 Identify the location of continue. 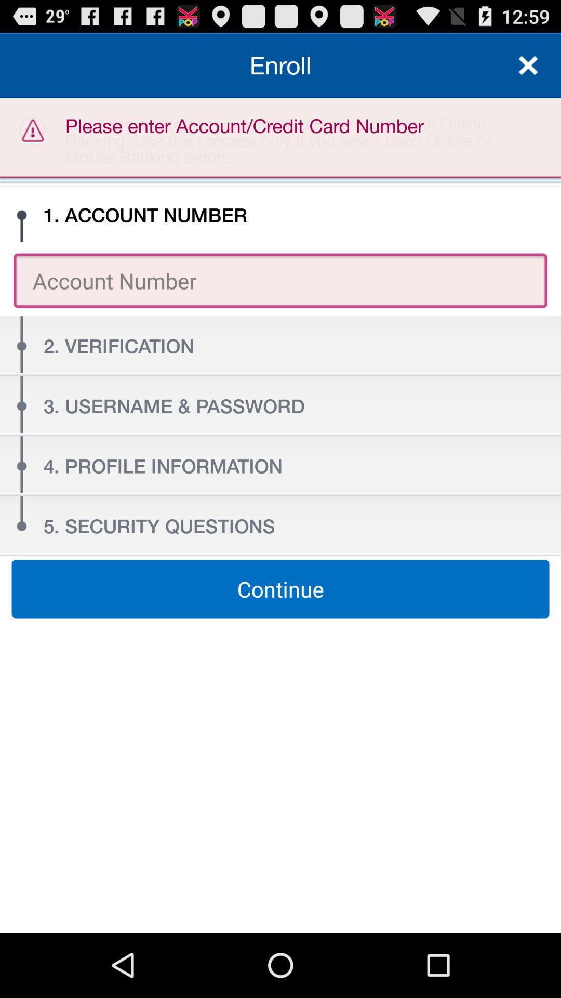
(280, 589).